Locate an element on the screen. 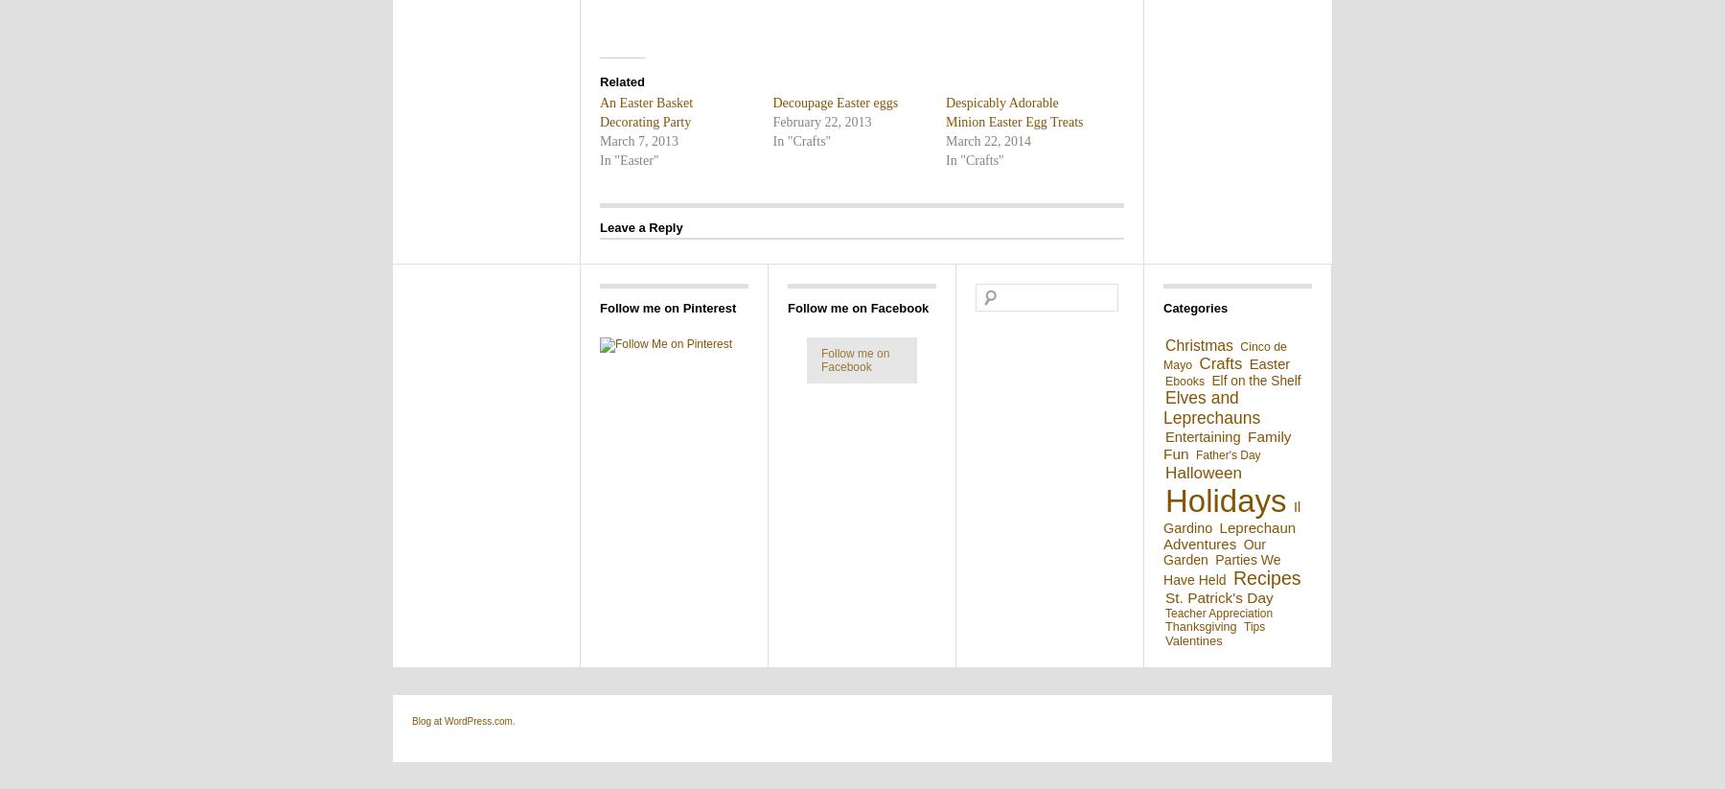 The width and height of the screenshot is (1725, 789). 'Cinco de Mayo' is located at coordinates (1225, 356).